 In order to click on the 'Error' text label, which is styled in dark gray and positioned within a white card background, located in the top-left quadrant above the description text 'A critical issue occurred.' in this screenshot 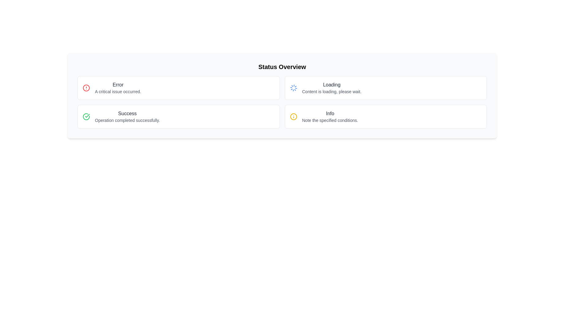, I will do `click(118, 85)`.